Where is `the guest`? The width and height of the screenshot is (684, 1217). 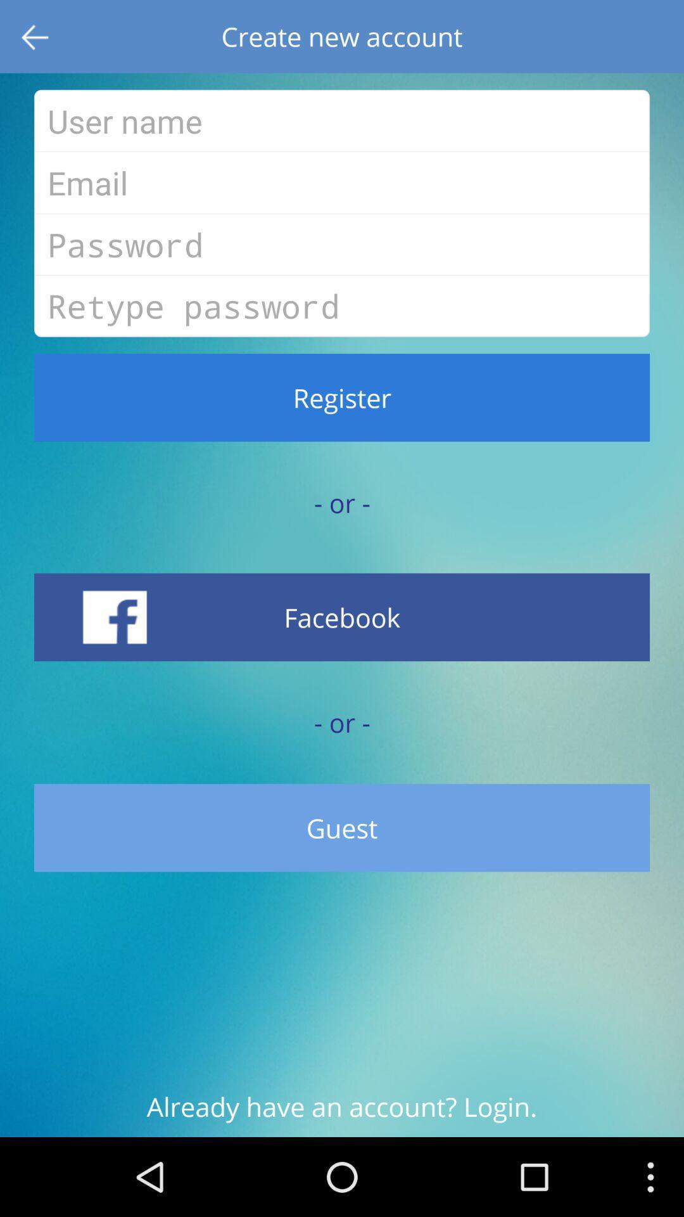
the guest is located at coordinates (342, 828).